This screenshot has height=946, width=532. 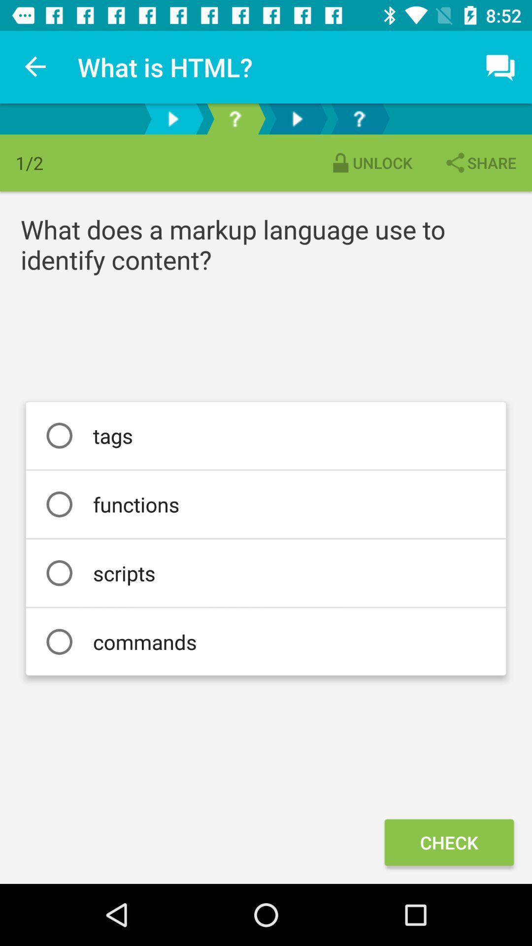 What do you see at coordinates (370, 163) in the screenshot?
I see `the icon above the what does a icon` at bounding box center [370, 163].